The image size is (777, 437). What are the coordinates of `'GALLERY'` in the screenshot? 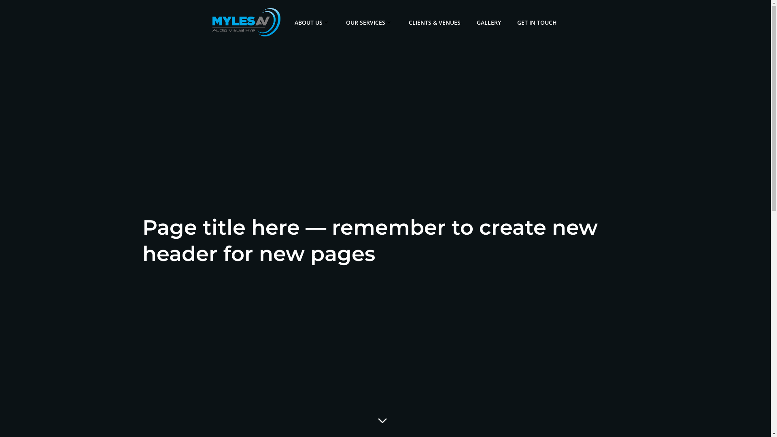 It's located at (488, 21).